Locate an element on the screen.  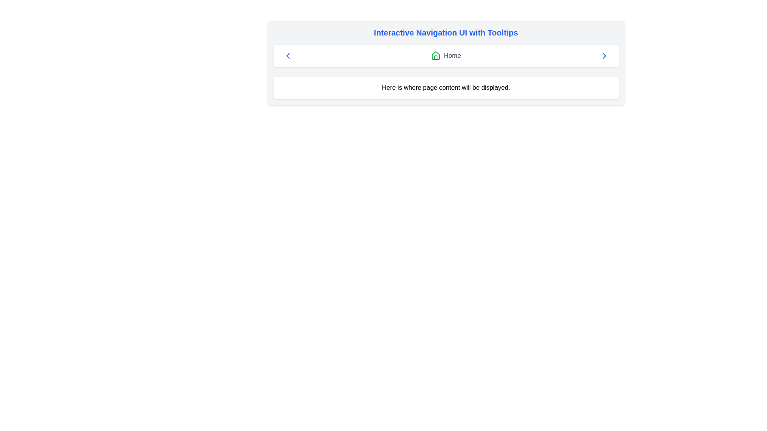
the blue chevron icon resembling a right-facing arrow located to the right of the 'Home' label in the navigation bar is located at coordinates (604, 55).